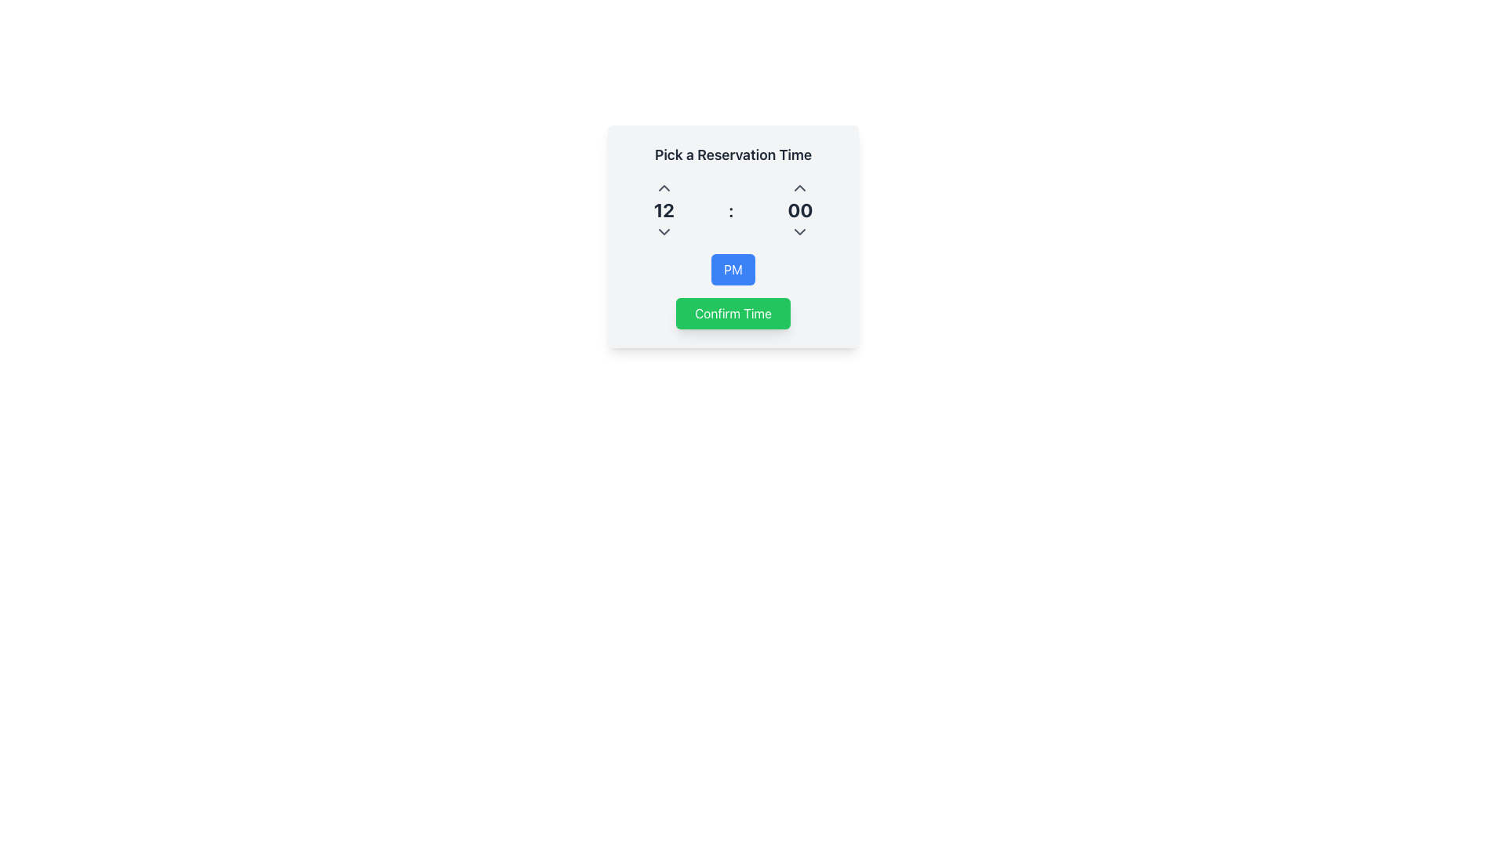 Image resolution: width=1506 pixels, height=847 pixels. I want to click on the small rectangular button with a blue background and white text 'PM' located in the 'Pick a Reservation Time' panel, so click(733, 268).